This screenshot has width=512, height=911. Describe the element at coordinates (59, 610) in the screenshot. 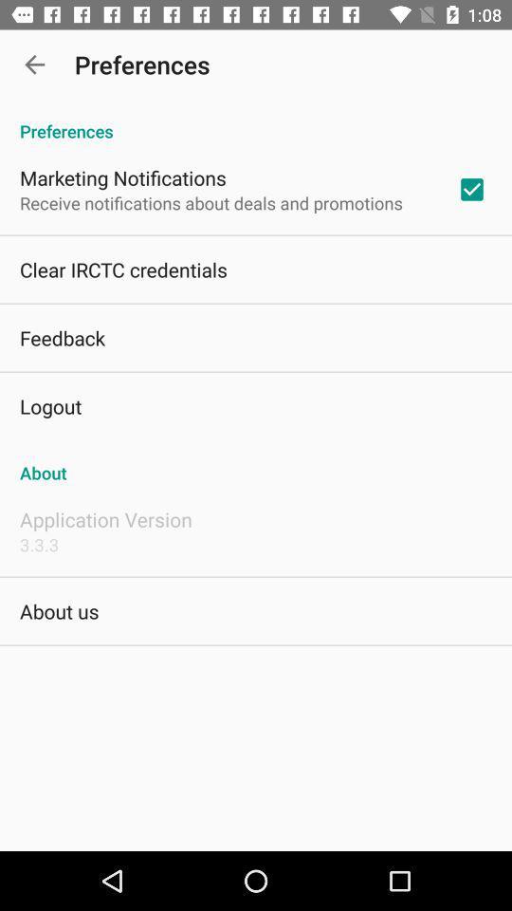

I see `icon at the bottom left corner` at that location.